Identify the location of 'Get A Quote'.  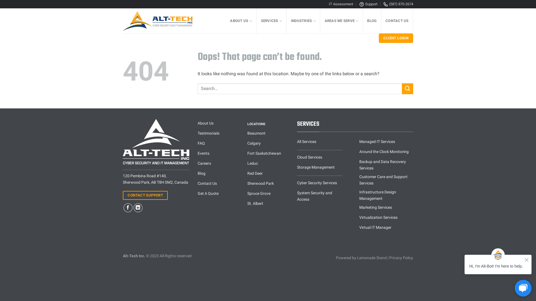
(218, 194).